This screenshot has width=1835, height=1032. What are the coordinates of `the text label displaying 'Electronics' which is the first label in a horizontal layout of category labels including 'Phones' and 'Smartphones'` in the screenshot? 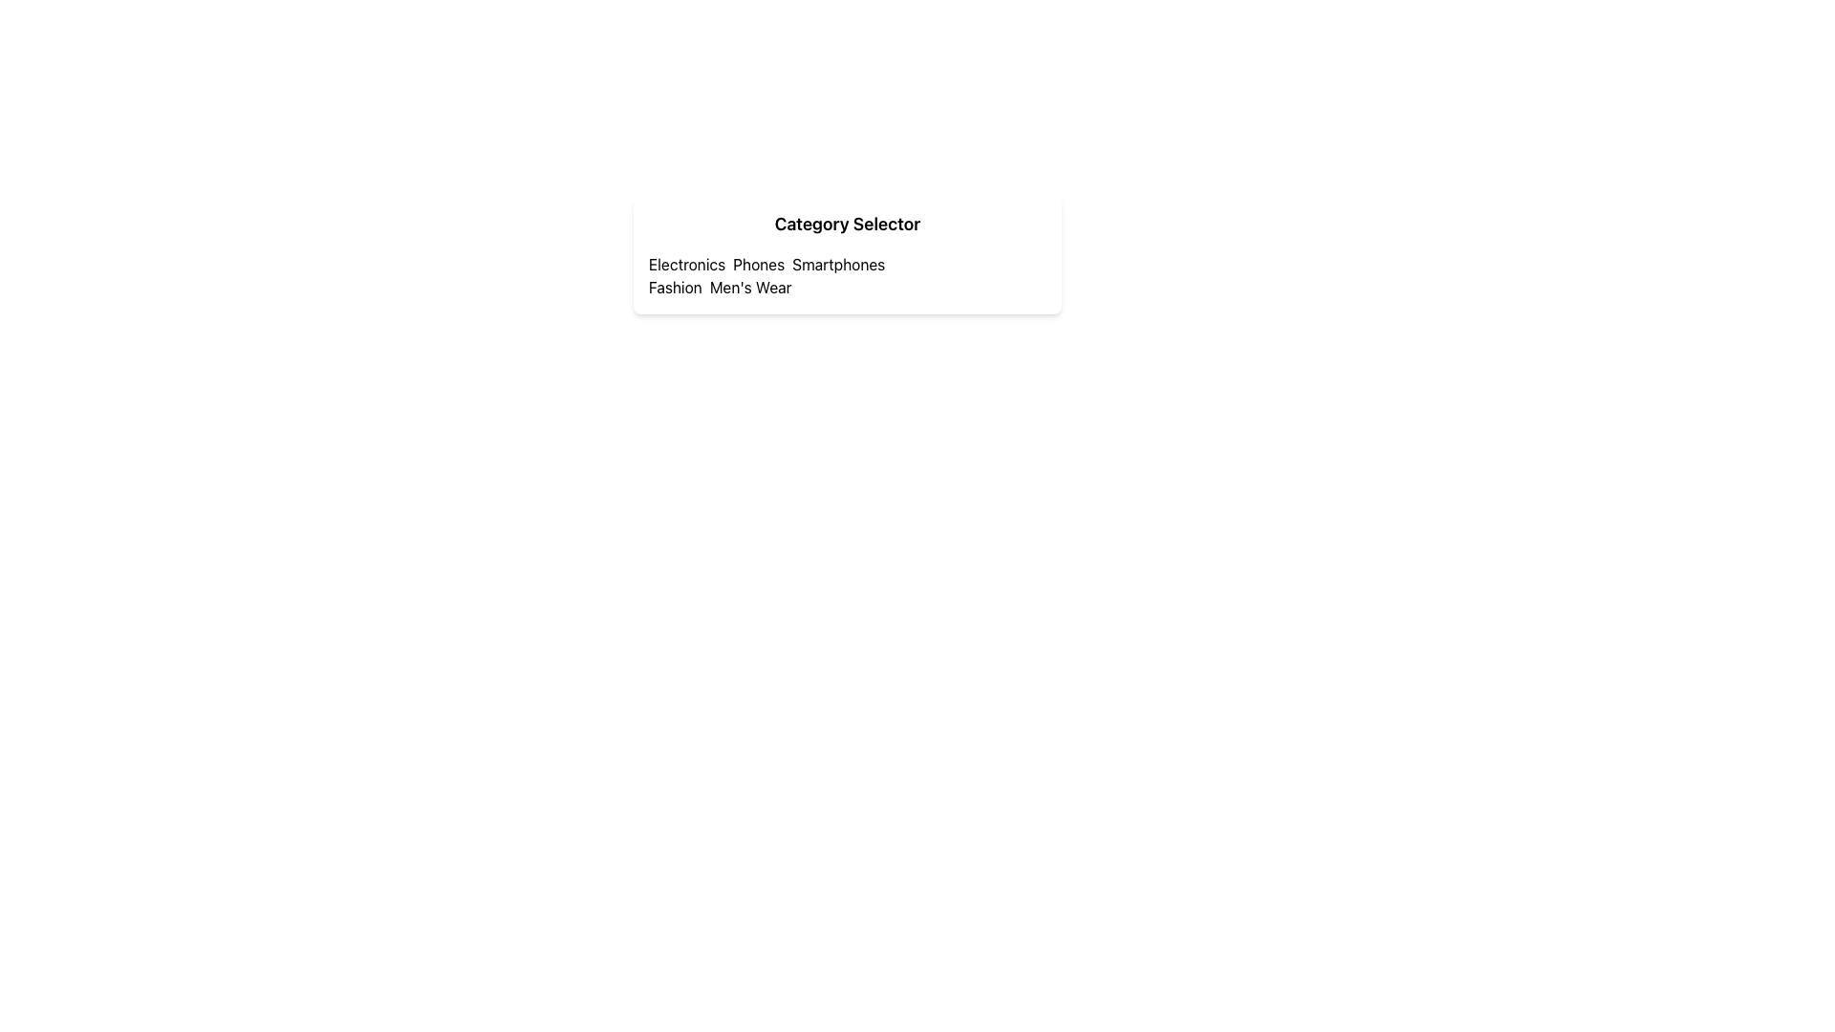 It's located at (687, 265).